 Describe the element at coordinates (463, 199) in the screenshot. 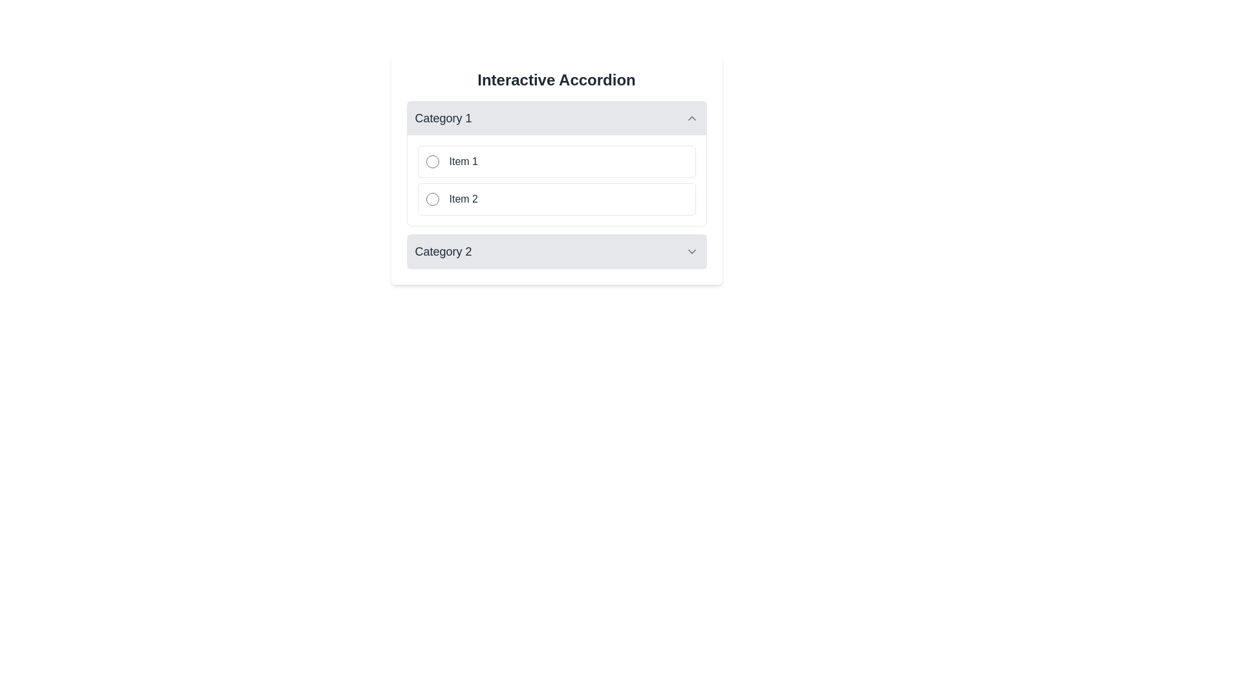

I see `the Text label that is positioned under 'Item 1' within the 'Category 1' collapsible list, which serves as a descriptor for a selectable radio button option` at that location.